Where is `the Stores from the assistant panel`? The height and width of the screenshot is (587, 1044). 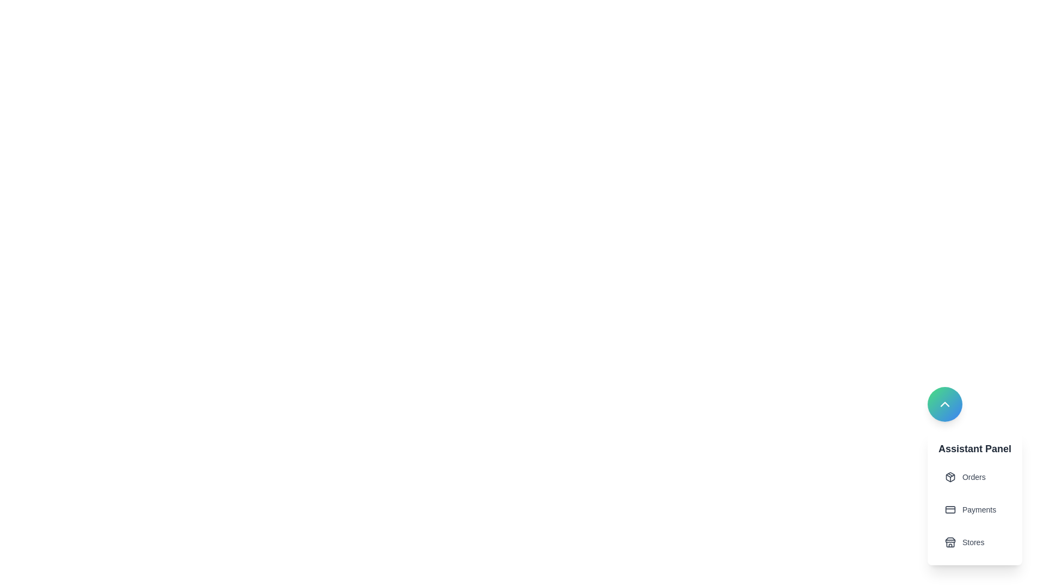
the Stores from the assistant panel is located at coordinates (974, 542).